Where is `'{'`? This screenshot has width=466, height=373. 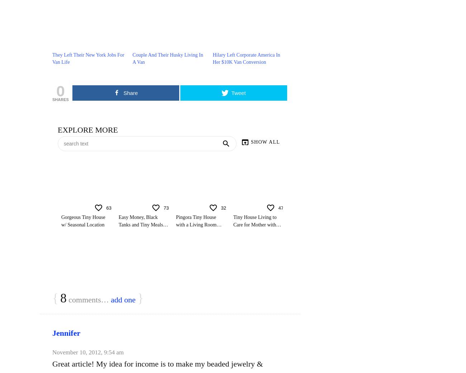 '{' is located at coordinates (55, 298).